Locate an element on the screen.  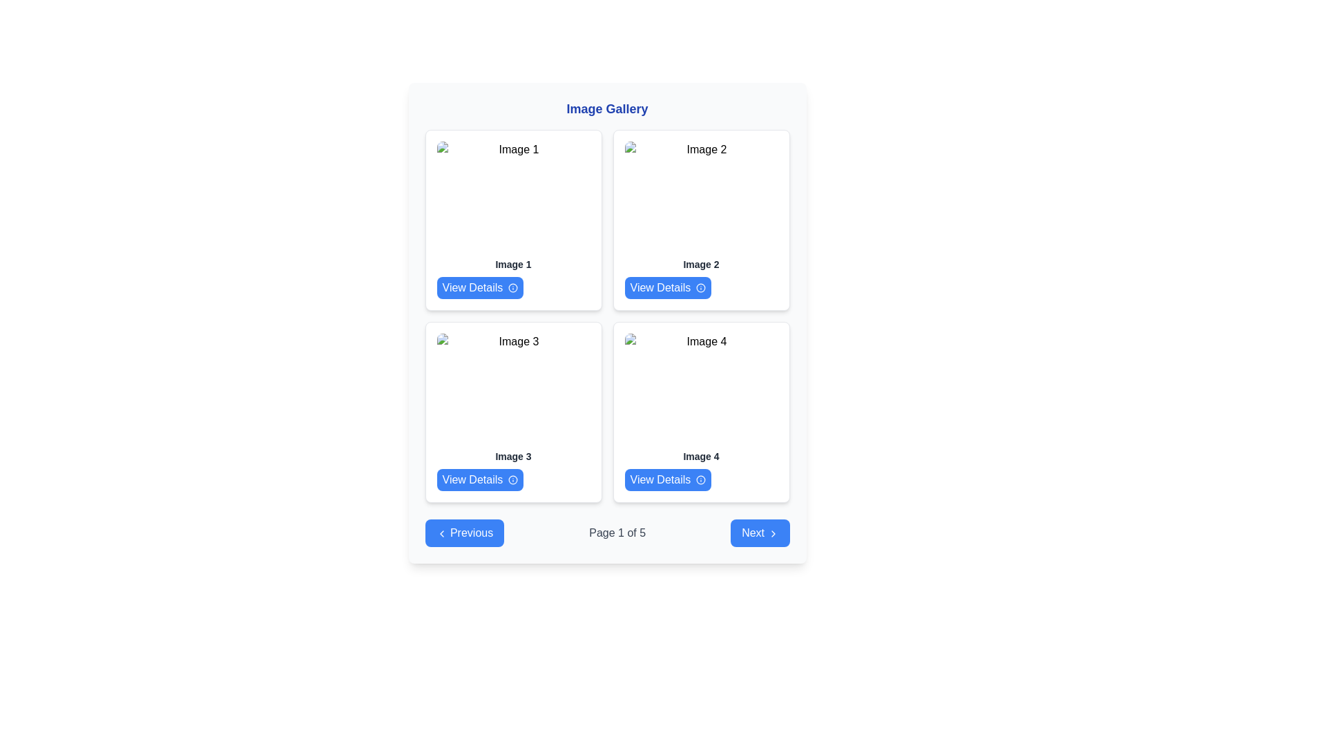
the static text label displaying 'Image 4' located in the fourth card of the grid layout, positioned above the 'View Details' button is located at coordinates (701, 456).